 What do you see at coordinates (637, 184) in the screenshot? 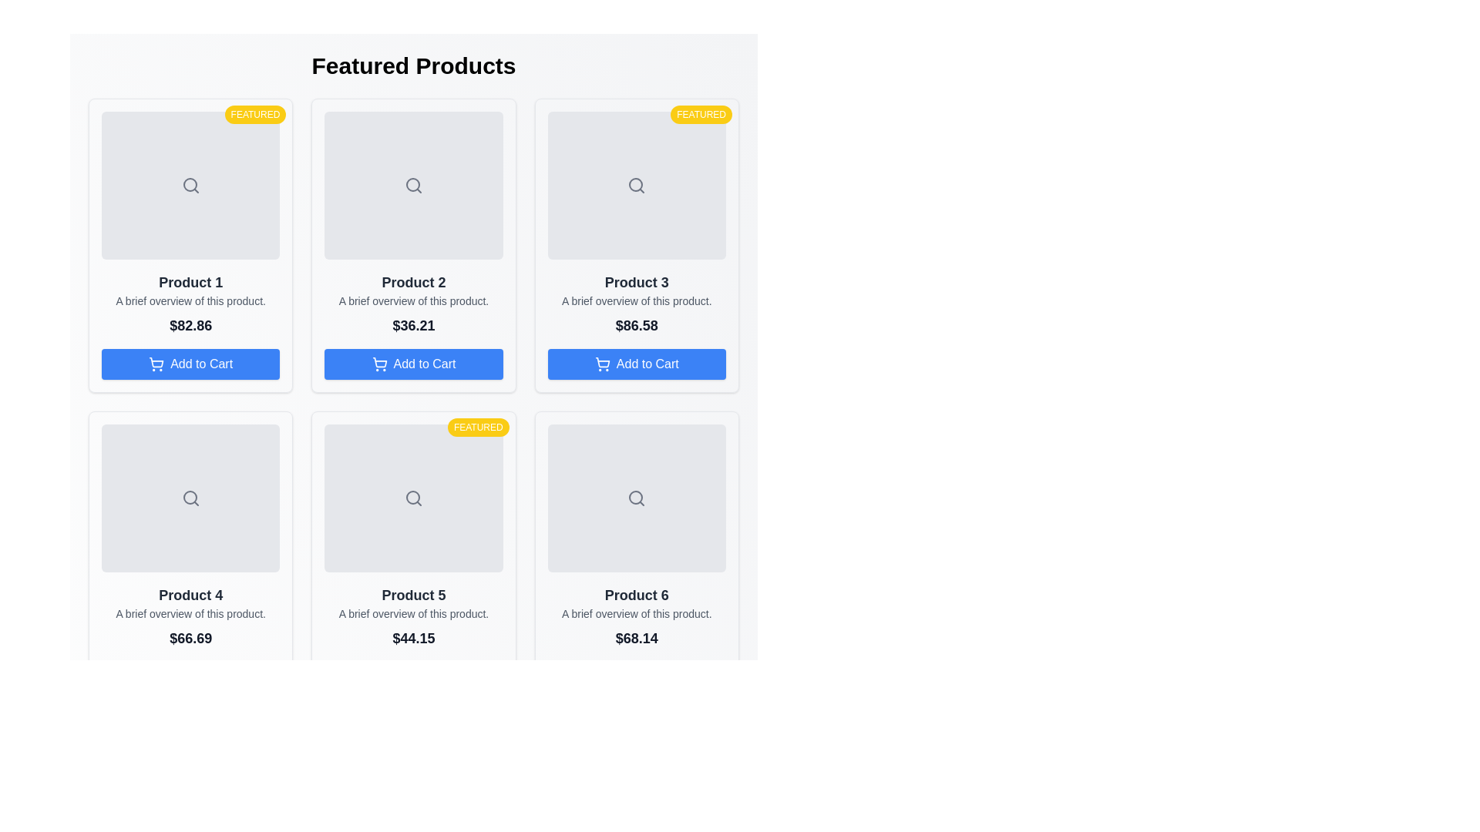
I see `the small magnifying glass icon with a circular outline located in the center of the third product card from the left in the top row of a grid layout, which suggests a search function` at bounding box center [637, 184].